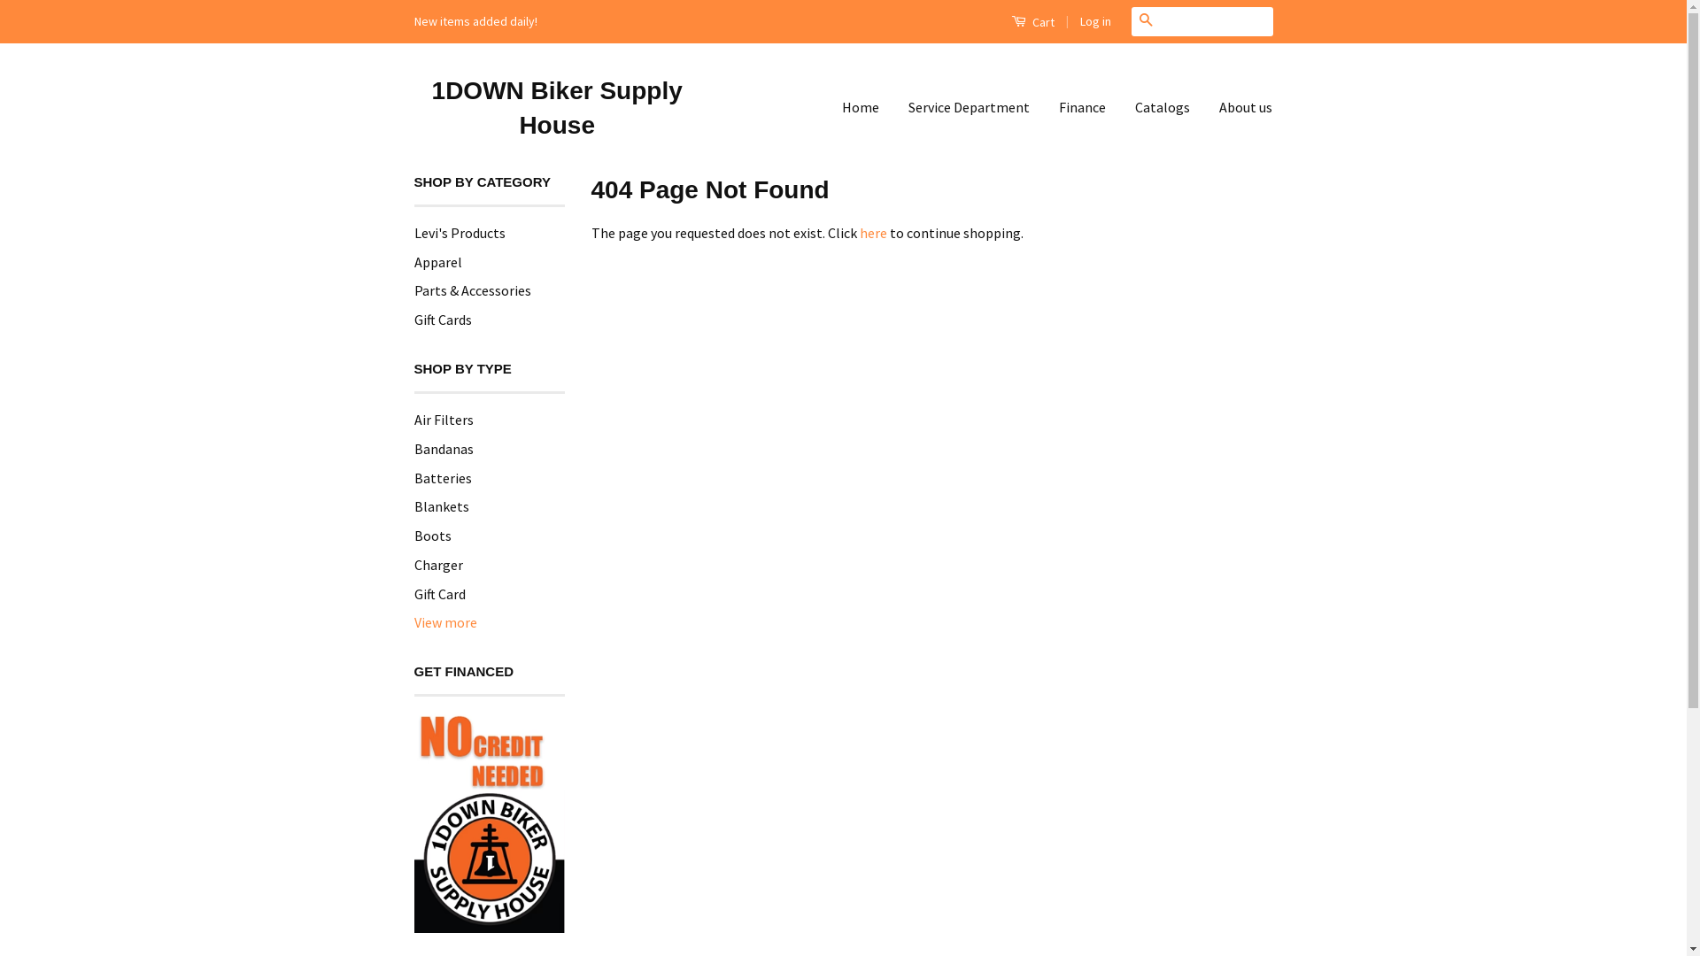 Image resolution: width=1700 pixels, height=956 pixels. I want to click on 'Catalogs', so click(1121, 107).